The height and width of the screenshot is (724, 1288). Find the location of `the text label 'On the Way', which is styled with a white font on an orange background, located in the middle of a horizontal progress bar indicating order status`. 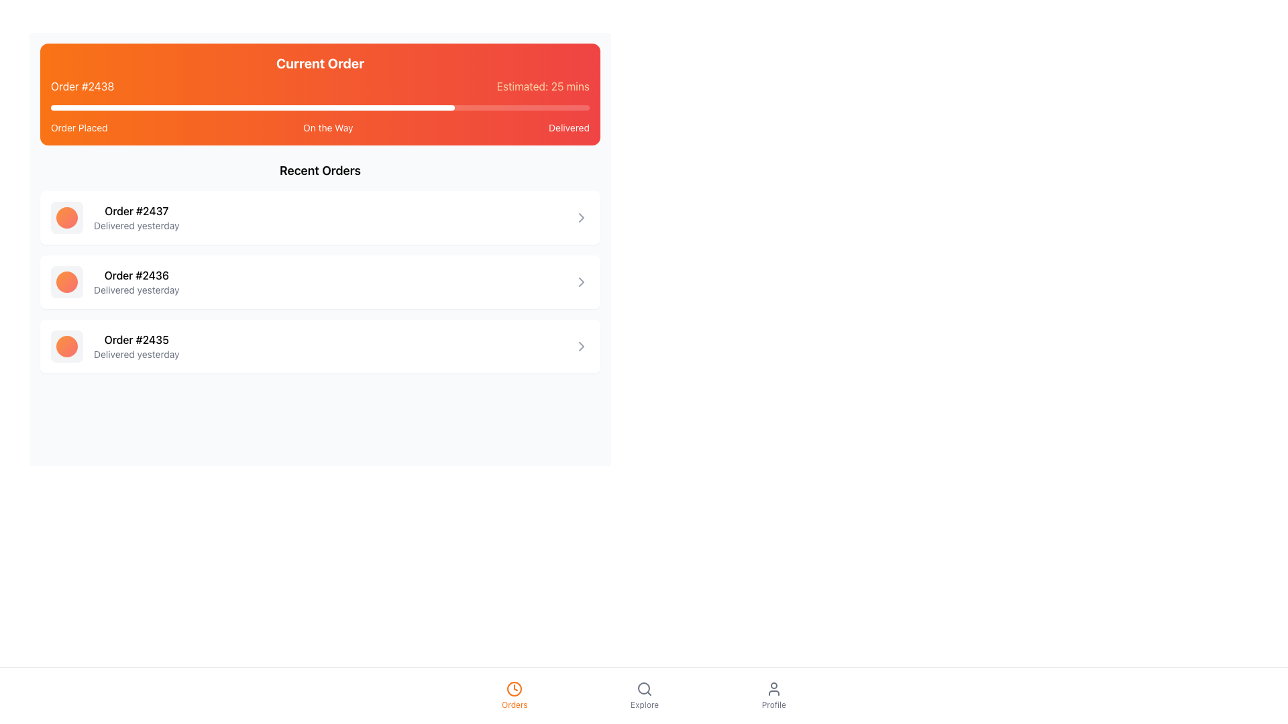

the text label 'On the Way', which is styled with a white font on an orange background, located in the middle of a horizontal progress bar indicating order status is located at coordinates (328, 128).